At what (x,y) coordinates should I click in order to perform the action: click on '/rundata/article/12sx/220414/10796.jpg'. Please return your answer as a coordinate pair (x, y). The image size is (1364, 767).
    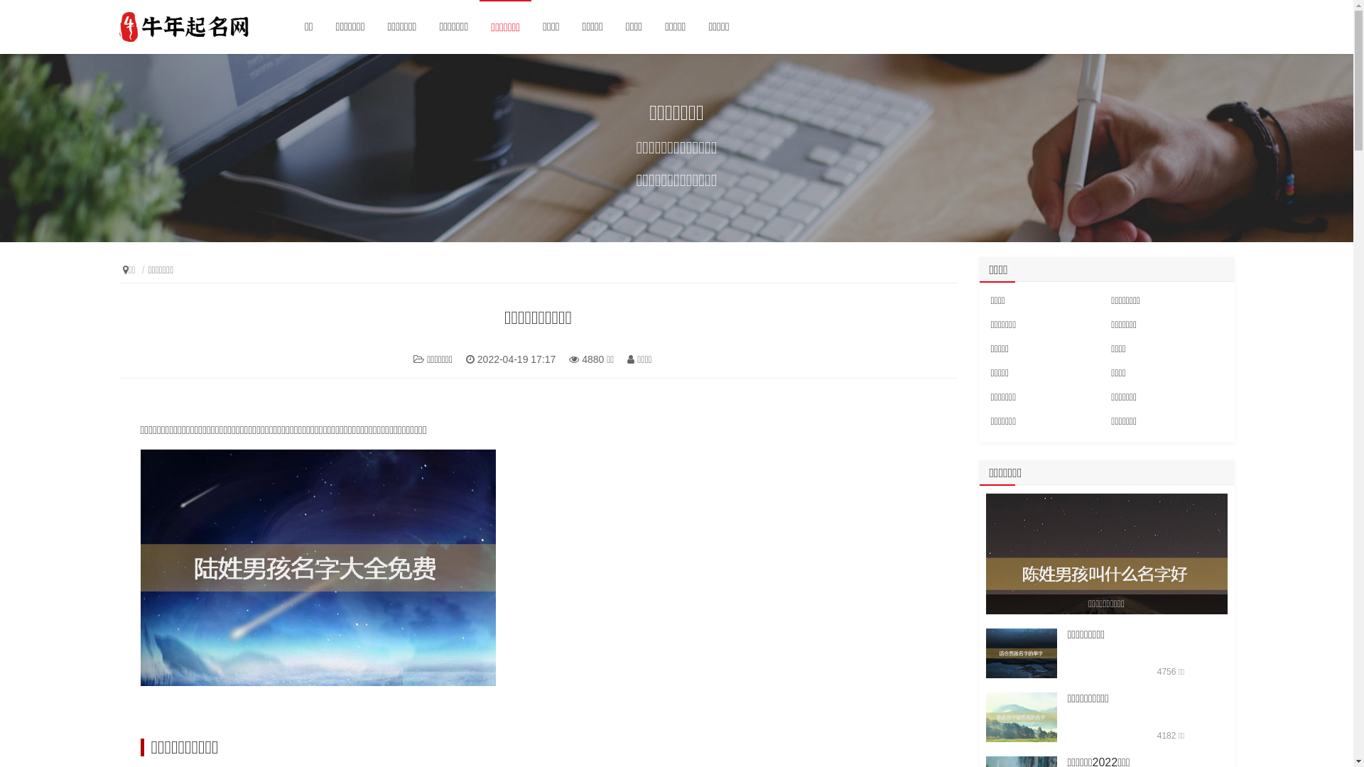
    Looking at the image, I should click on (1021, 653).